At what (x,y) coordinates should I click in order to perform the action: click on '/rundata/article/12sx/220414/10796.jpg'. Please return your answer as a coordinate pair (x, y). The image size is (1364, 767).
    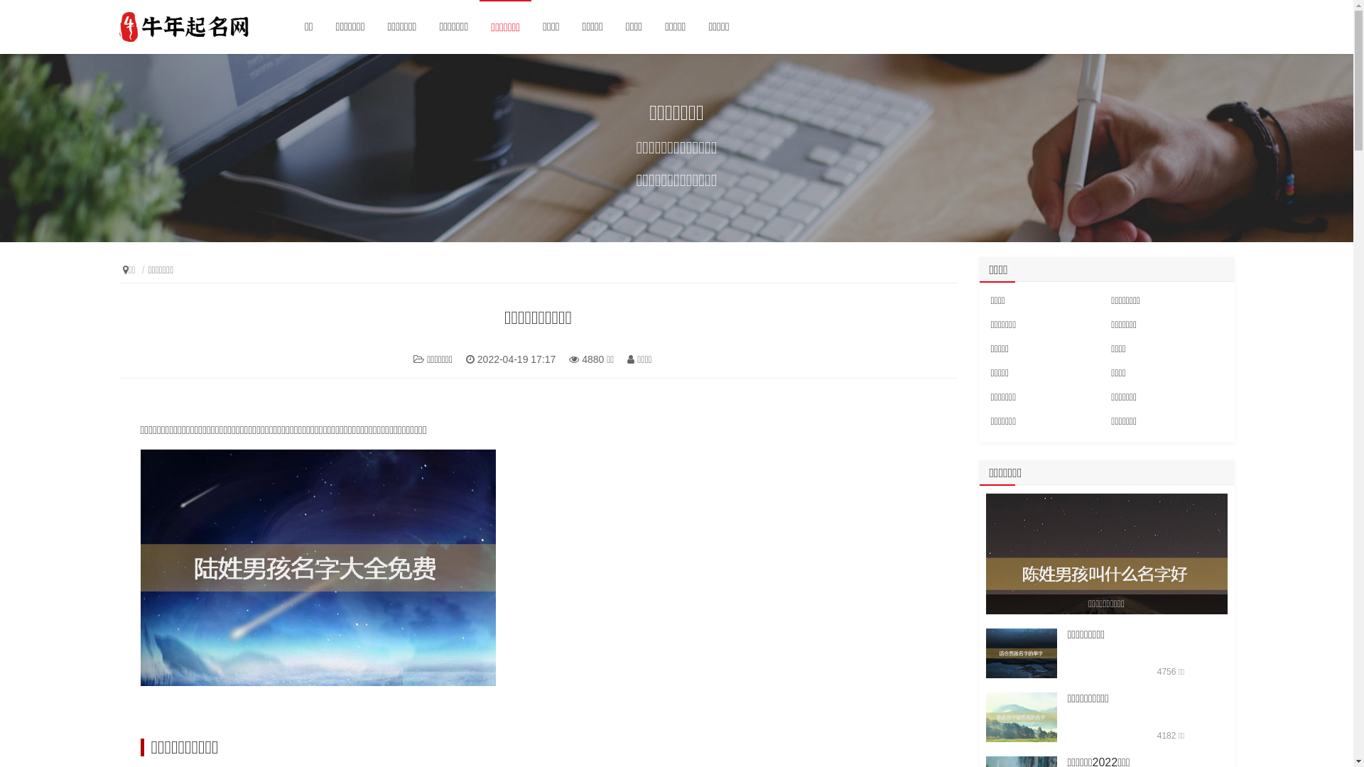
    Looking at the image, I should click on (1021, 653).